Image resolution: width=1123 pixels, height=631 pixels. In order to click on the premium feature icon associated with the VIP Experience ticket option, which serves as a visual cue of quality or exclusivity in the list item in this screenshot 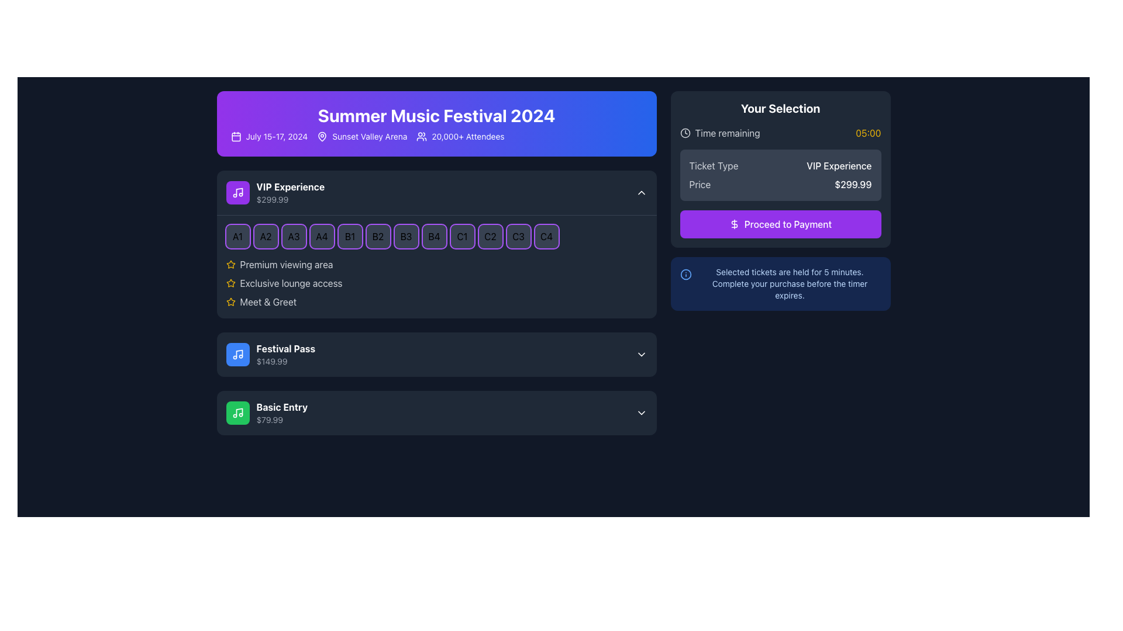, I will do `click(230, 301)`.